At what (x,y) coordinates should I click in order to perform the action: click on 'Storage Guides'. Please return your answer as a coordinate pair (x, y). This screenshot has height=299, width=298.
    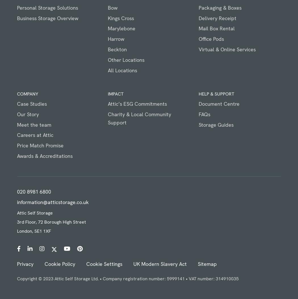
    Looking at the image, I should click on (198, 124).